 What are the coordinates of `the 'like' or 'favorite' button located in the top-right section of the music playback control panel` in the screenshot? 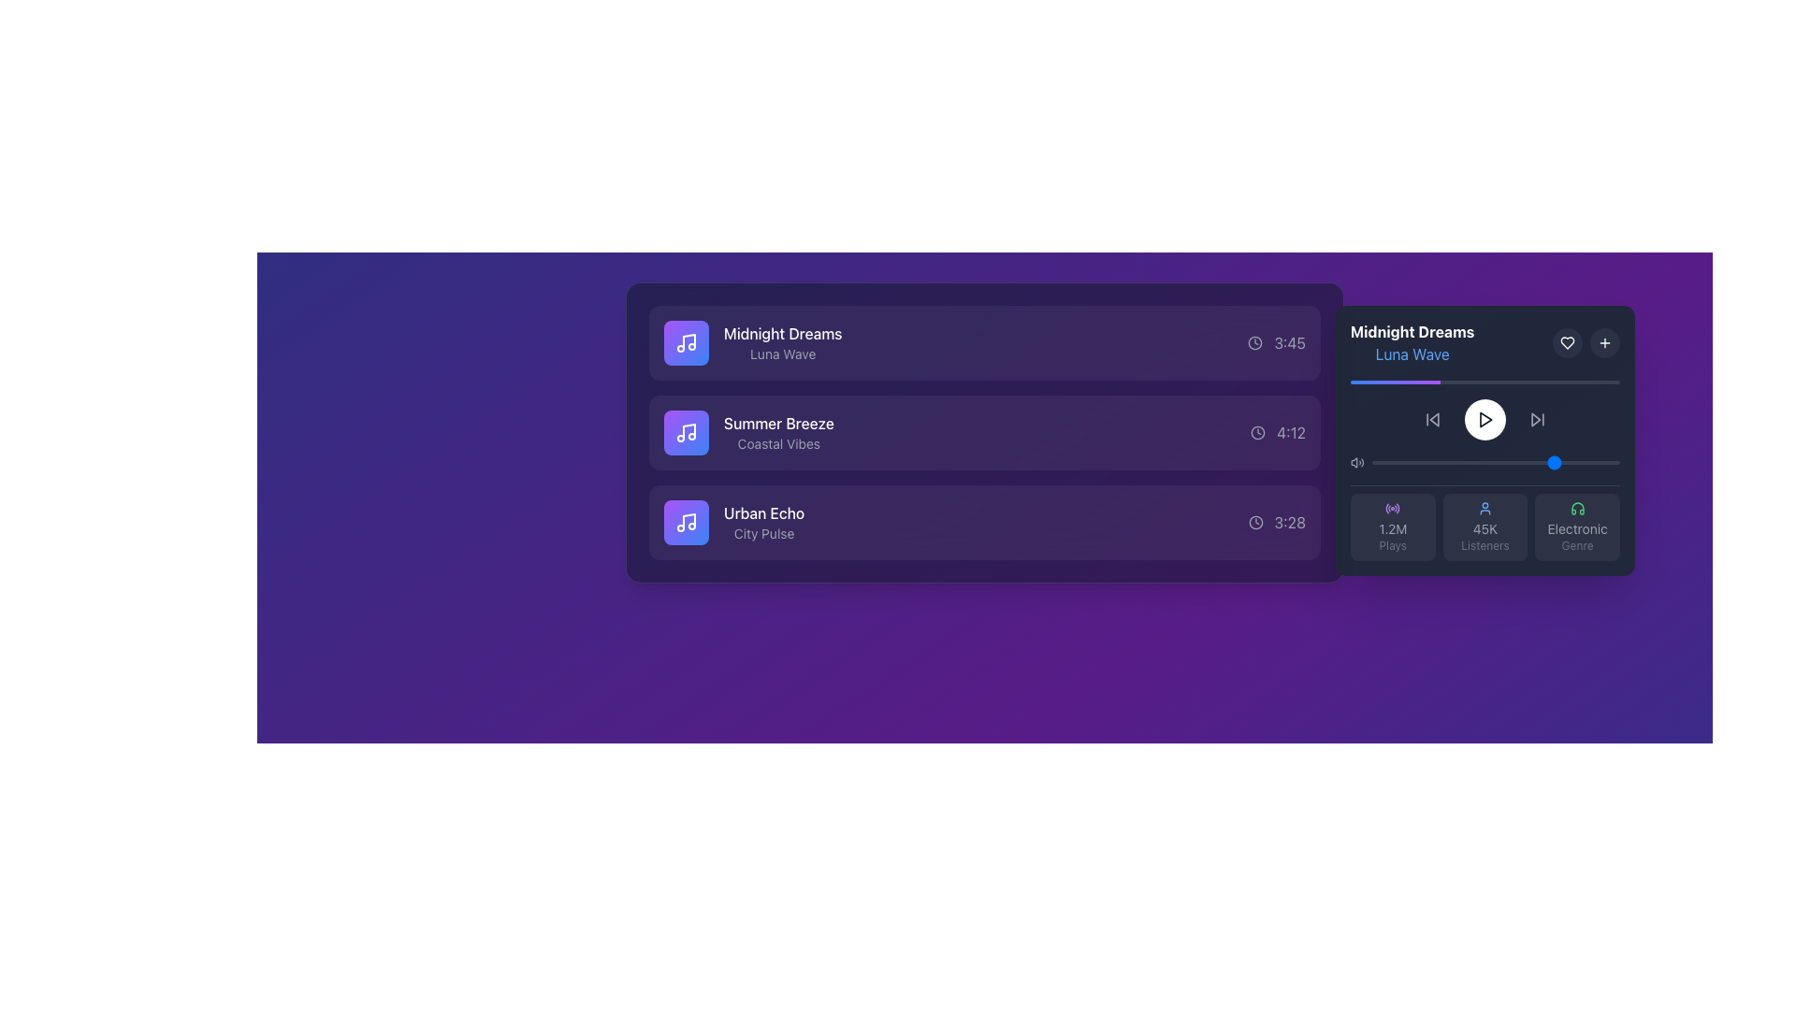 It's located at (1567, 342).